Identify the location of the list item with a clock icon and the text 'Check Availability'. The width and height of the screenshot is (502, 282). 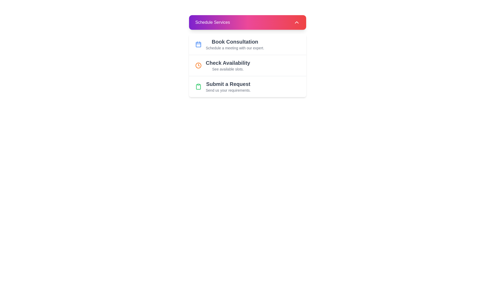
(247, 65).